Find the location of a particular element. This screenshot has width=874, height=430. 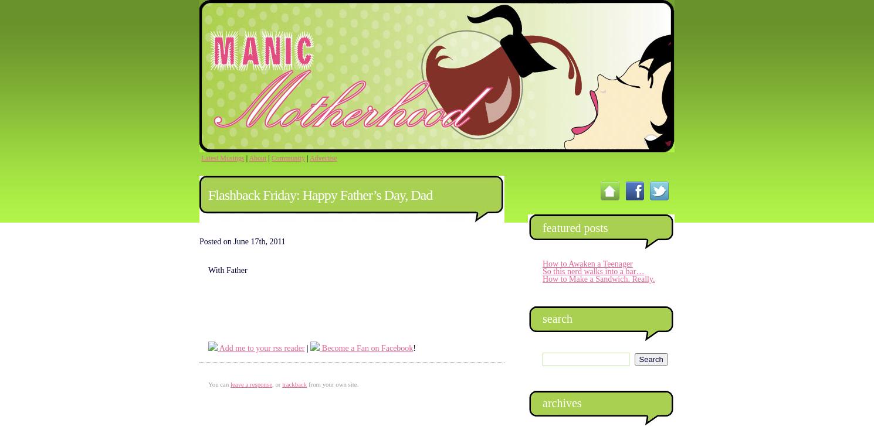

'With Father' is located at coordinates (227, 270).